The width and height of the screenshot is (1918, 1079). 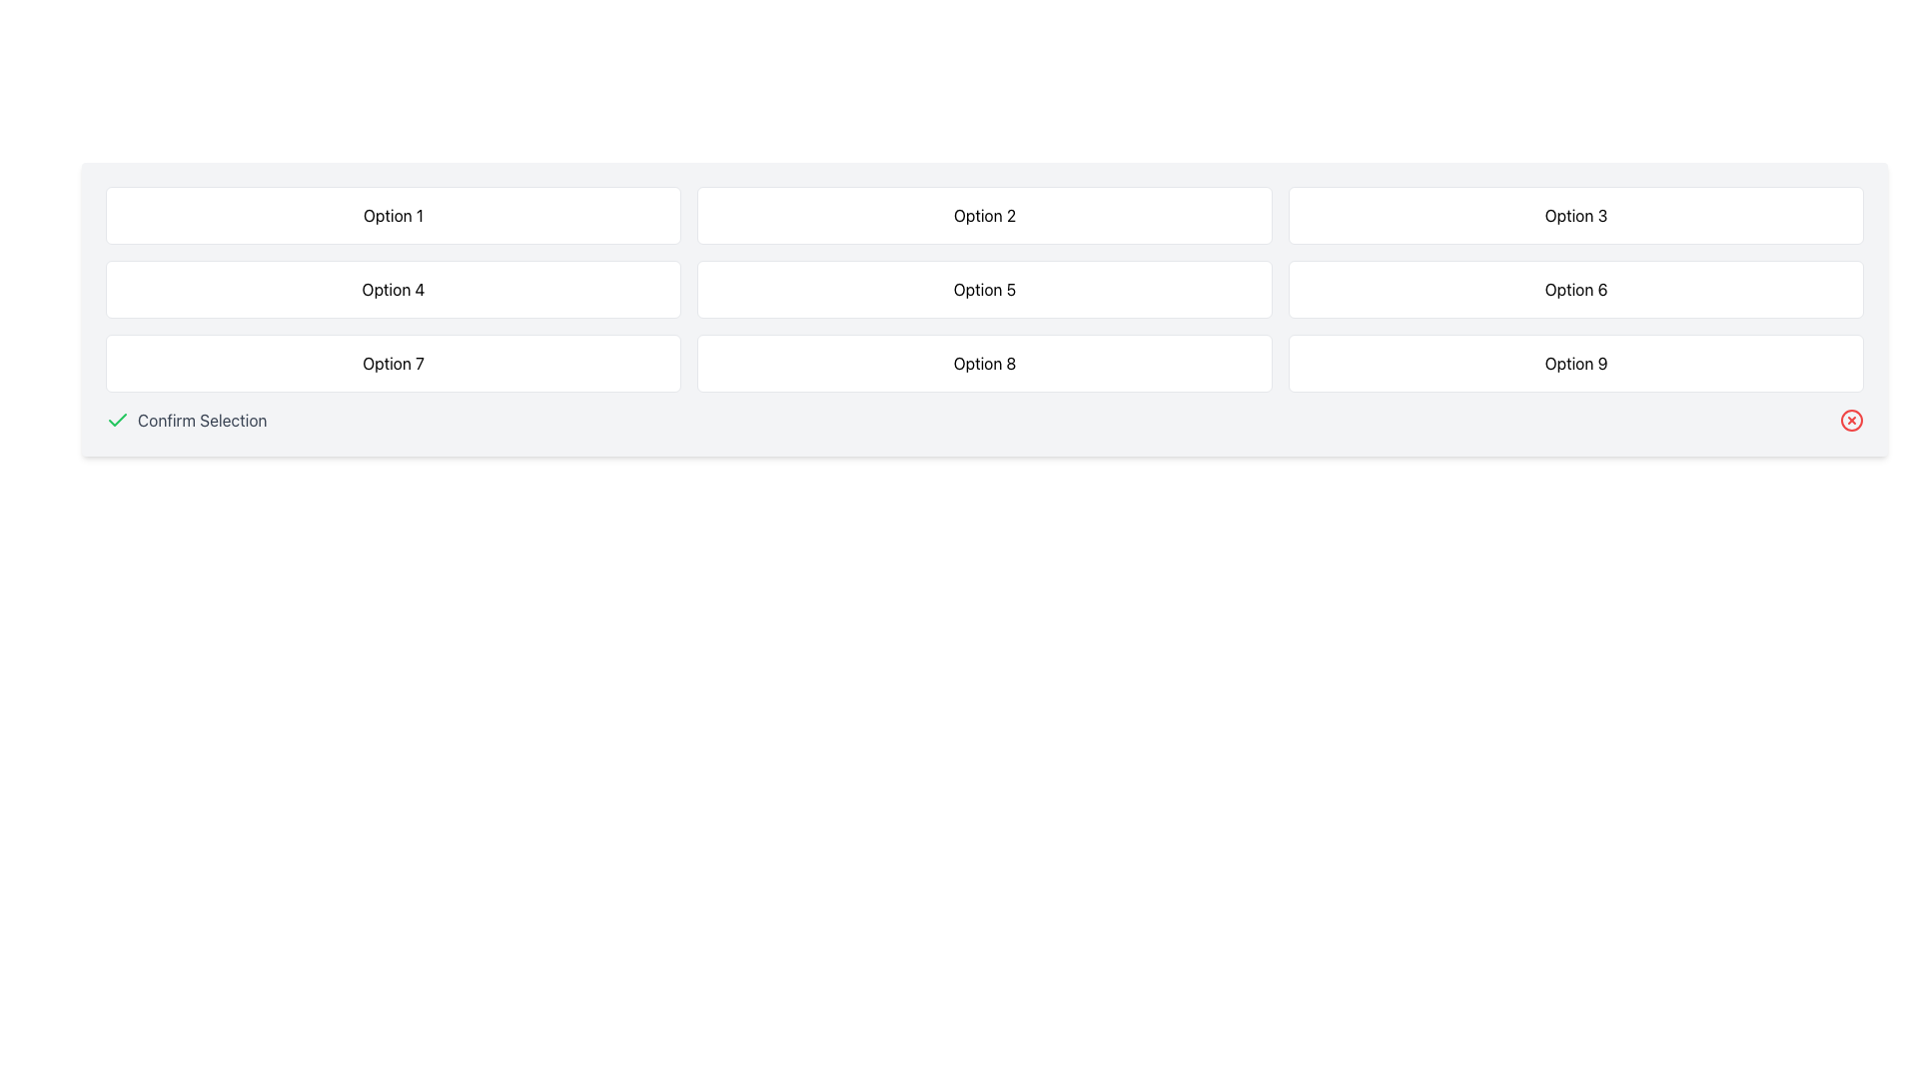 I want to click on the button labeled 'Option 6', which is a rectangular component with softly rounded edges and a thin border, so click(x=1575, y=289).